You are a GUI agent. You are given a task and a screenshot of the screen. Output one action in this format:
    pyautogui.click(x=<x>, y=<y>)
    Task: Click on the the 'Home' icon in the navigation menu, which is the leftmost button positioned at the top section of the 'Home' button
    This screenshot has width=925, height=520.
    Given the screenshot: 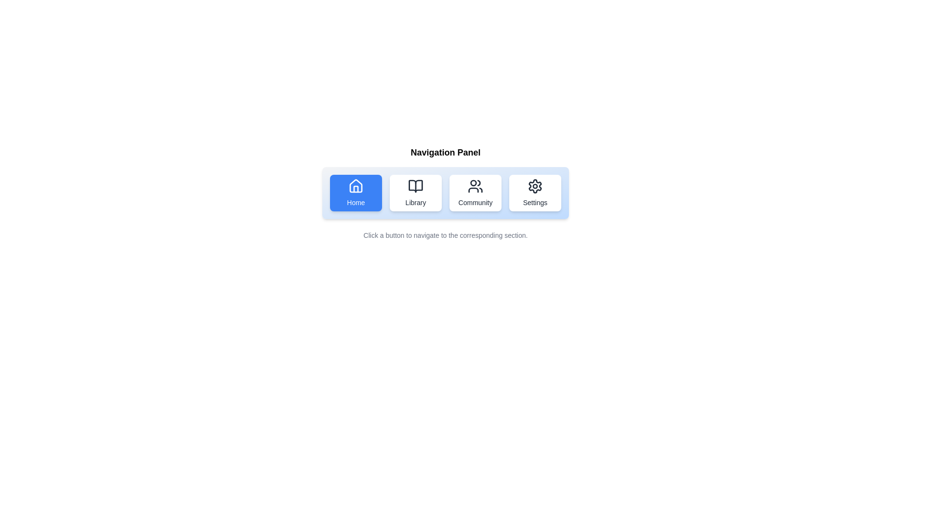 What is the action you would take?
    pyautogui.click(x=356, y=186)
    